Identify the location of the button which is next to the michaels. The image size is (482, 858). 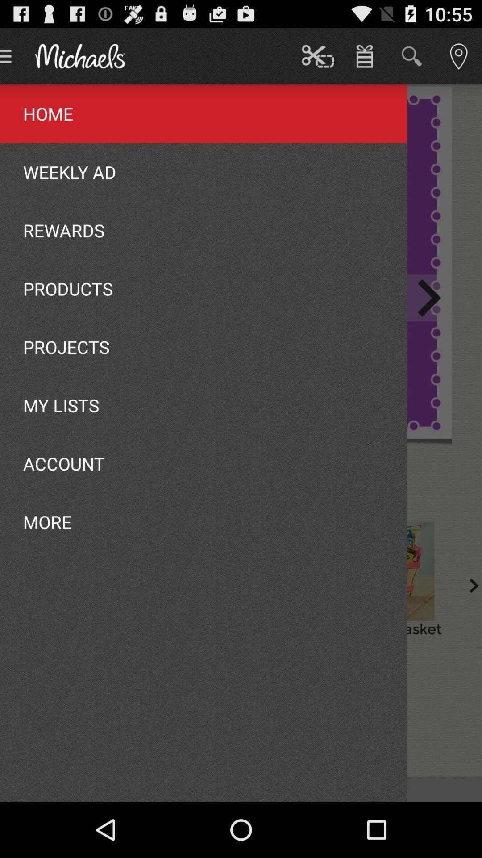
(317, 55).